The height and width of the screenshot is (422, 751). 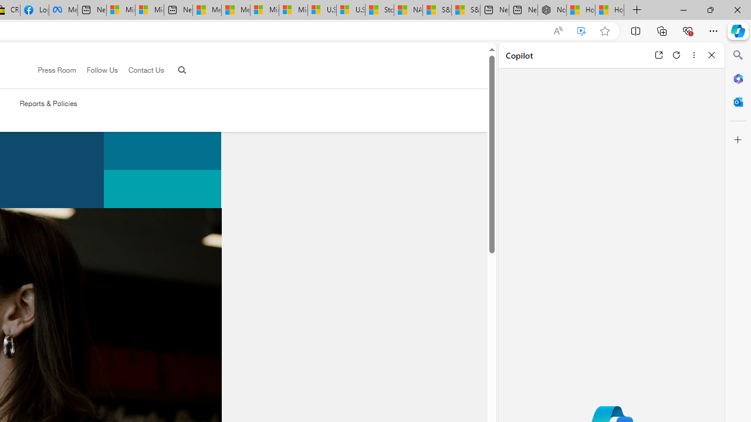 I want to click on 'Press Room', so click(x=51, y=70).